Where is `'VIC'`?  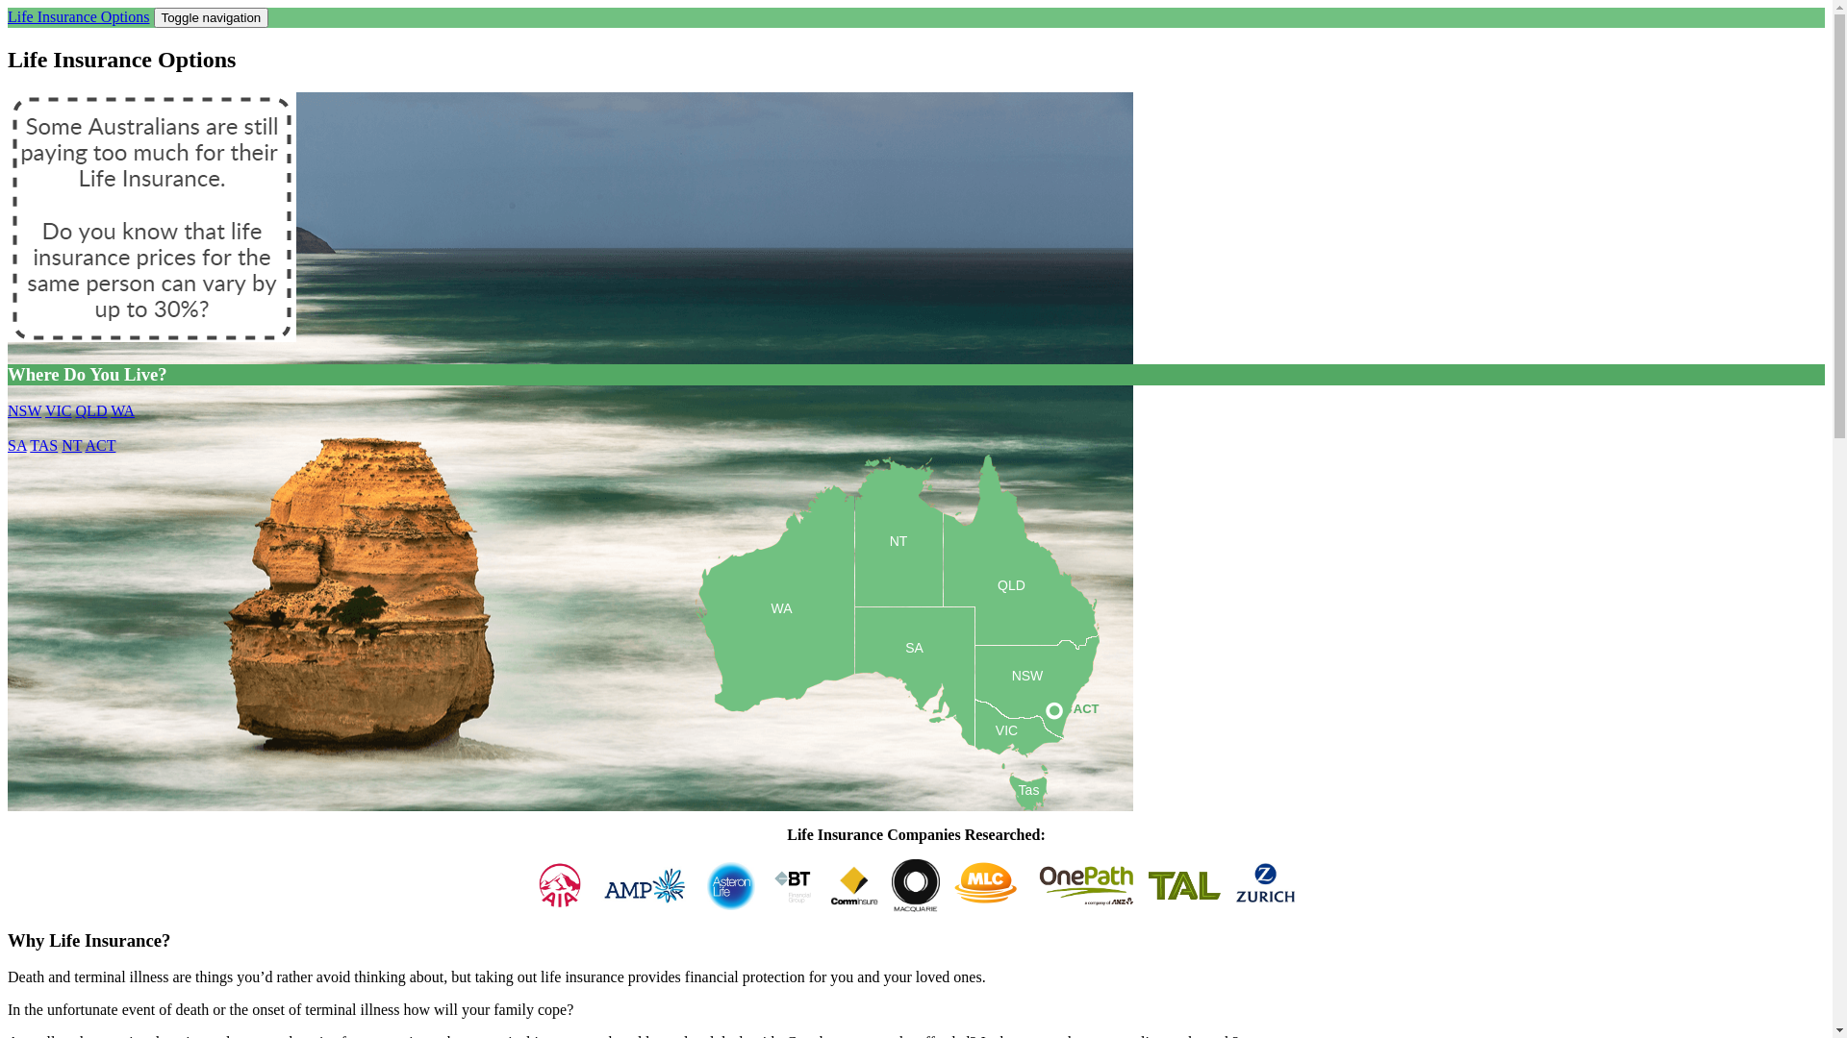 'VIC' is located at coordinates (59, 409).